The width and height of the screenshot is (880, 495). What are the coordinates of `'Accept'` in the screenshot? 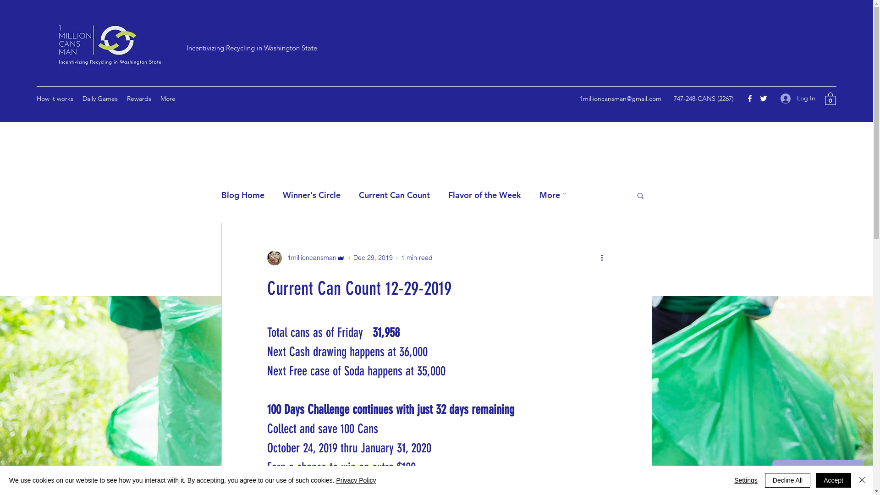 It's located at (833, 480).